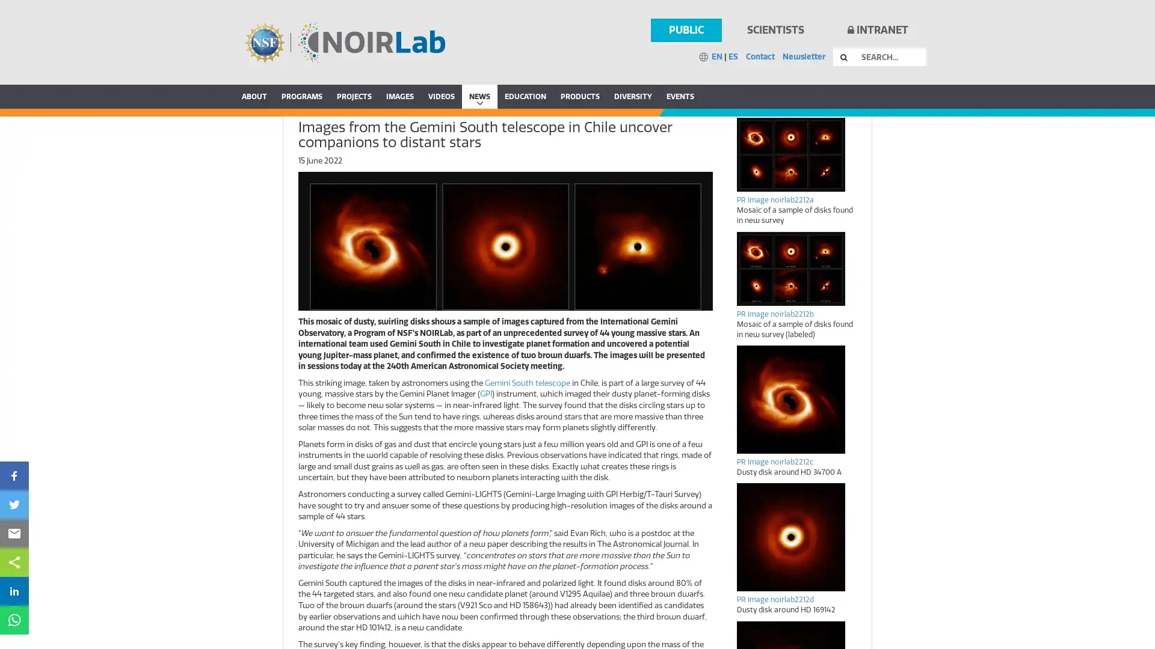 This screenshot has width=1155, height=649. What do you see at coordinates (775, 29) in the screenshot?
I see `SCIENTISTS` at bounding box center [775, 29].